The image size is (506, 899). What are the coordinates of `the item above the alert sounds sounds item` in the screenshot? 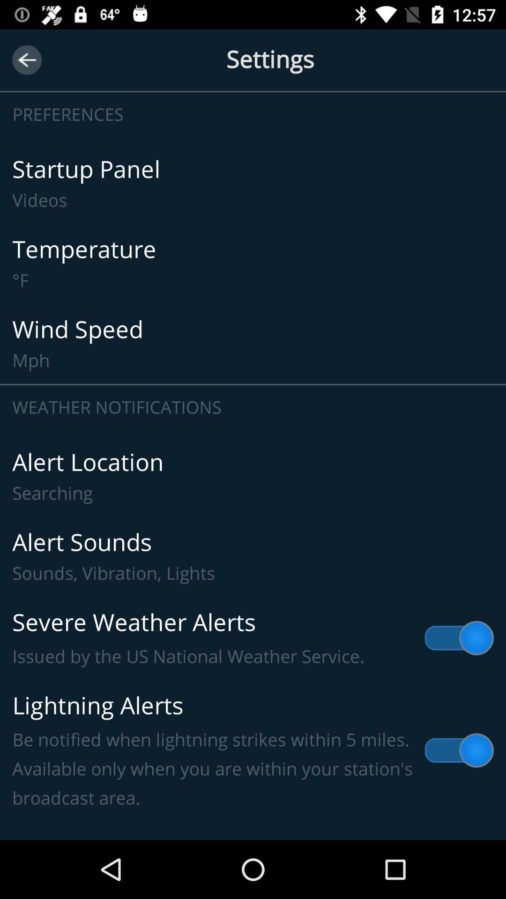 It's located at (253, 476).